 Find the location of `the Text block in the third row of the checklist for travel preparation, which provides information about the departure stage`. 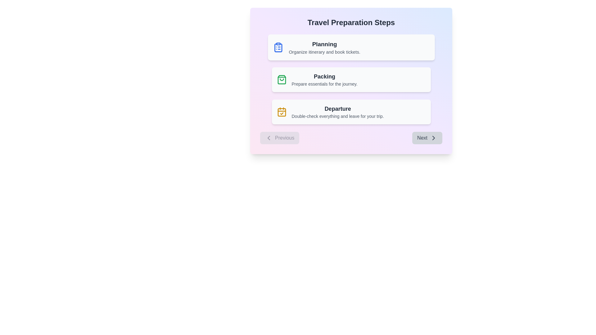

the Text block in the third row of the checklist for travel preparation, which provides information about the departure stage is located at coordinates (337, 112).